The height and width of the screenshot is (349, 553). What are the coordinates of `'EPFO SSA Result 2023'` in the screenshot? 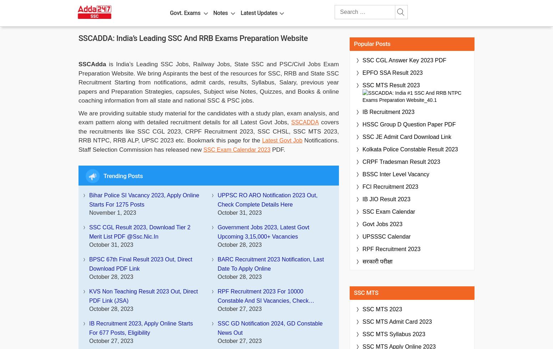 It's located at (362, 73).